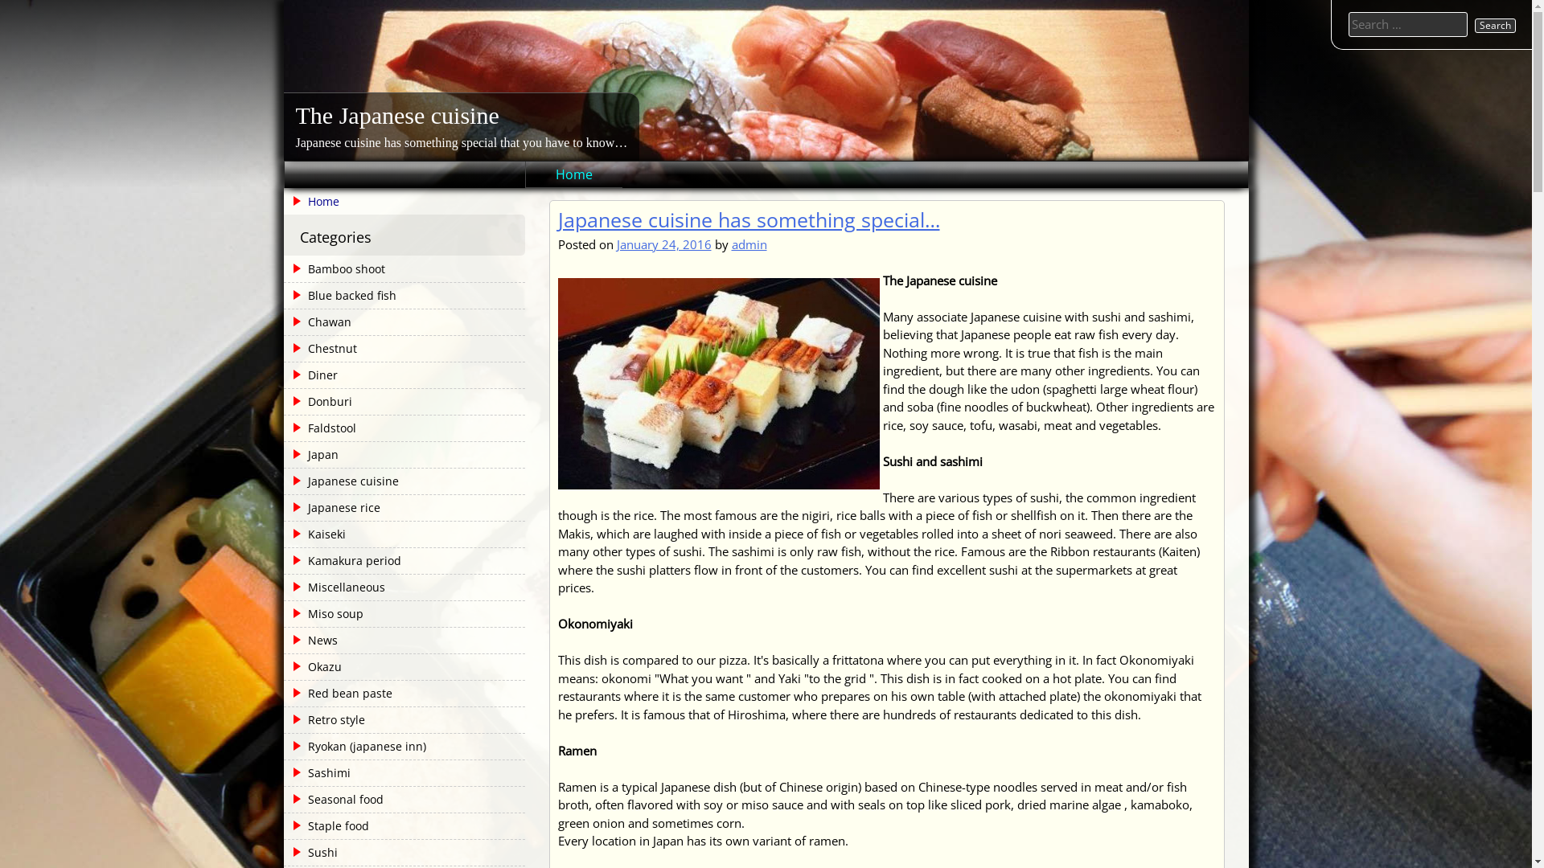  Describe the element at coordinates (663, 244) in the screenshot. I see `'January 24, 2016'` at that location.